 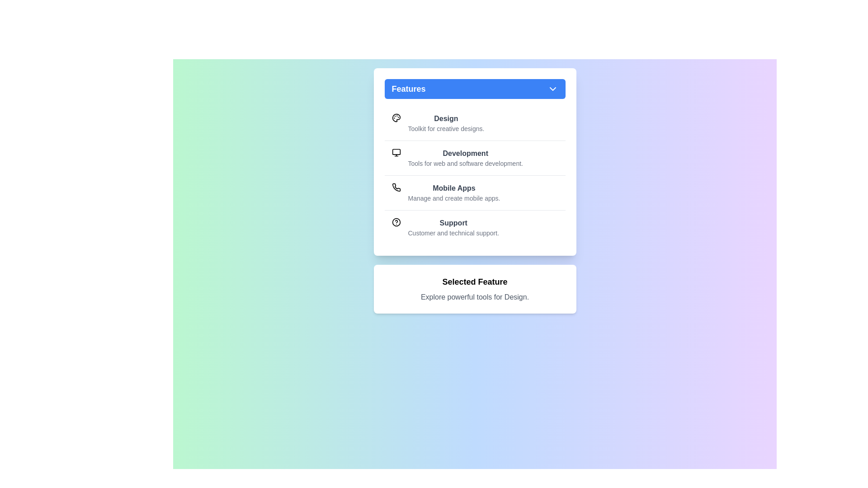 What do you see at coordinates (474, 89) in the screenshot?
I see `the 'Features' button to toggle the visibility of the feature list` at bounding box center [474, 89].